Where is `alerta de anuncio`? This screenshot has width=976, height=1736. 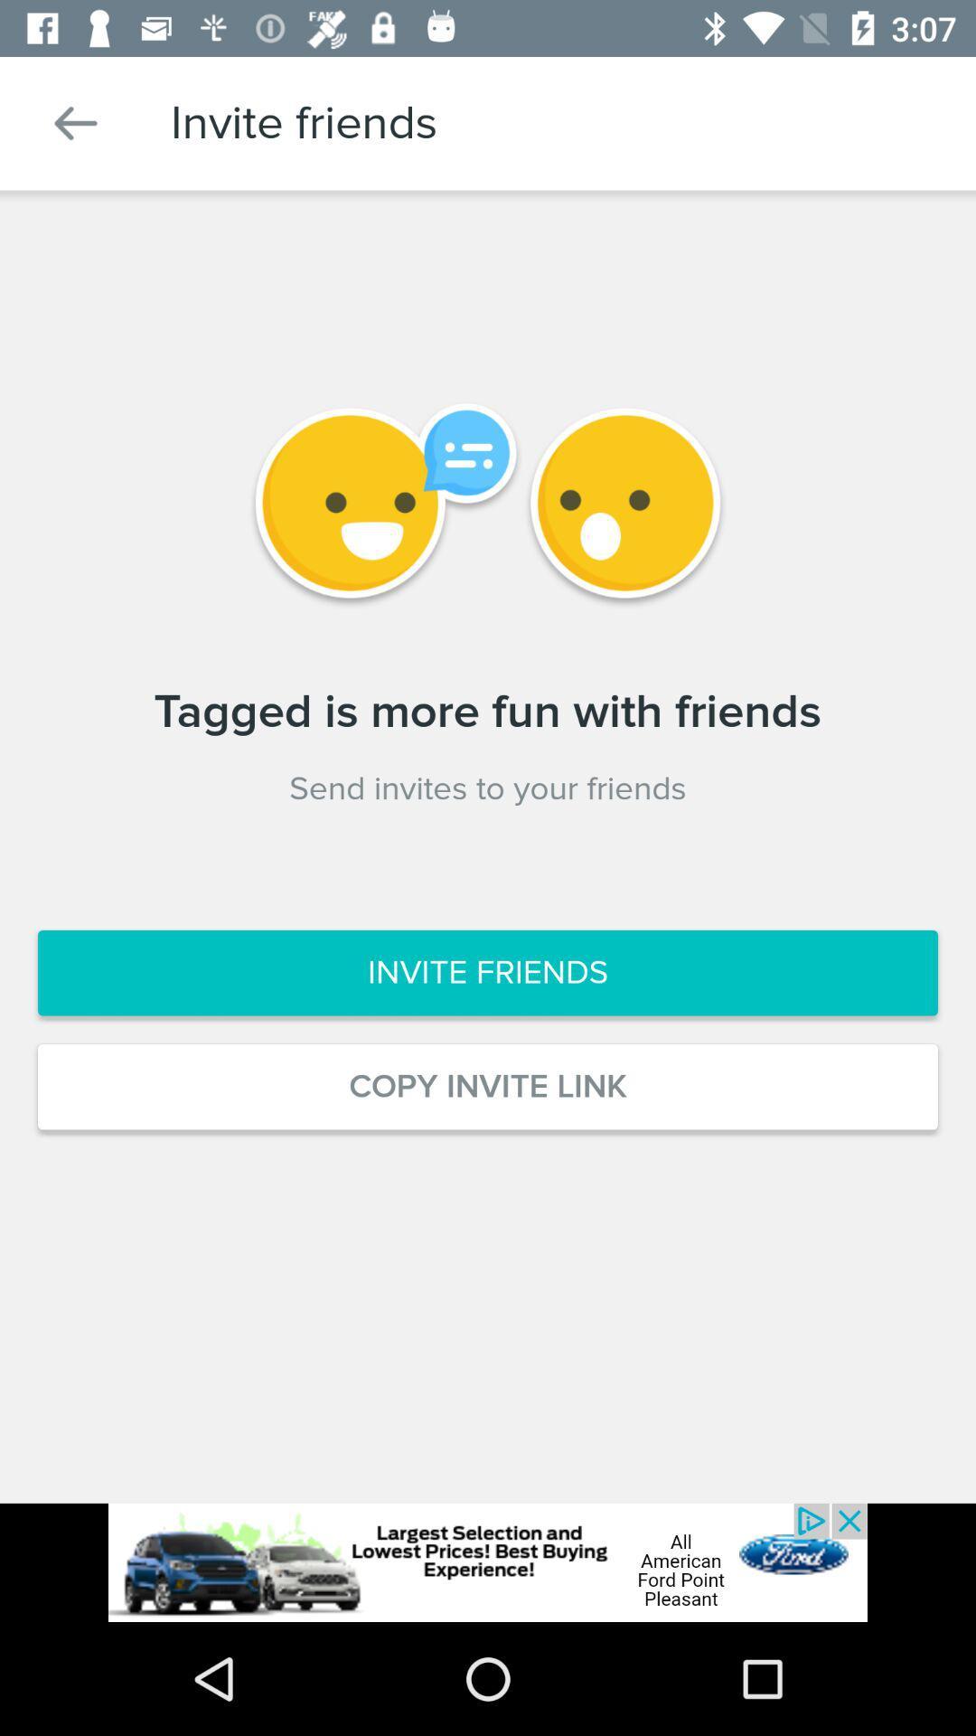 alerta de anuncio is located at coordinates (488, 1561).